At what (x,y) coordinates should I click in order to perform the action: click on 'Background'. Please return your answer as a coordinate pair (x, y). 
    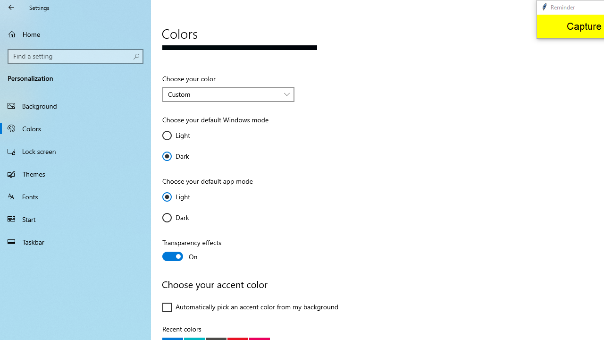
    Looking at the image, I should click on (75, 105).